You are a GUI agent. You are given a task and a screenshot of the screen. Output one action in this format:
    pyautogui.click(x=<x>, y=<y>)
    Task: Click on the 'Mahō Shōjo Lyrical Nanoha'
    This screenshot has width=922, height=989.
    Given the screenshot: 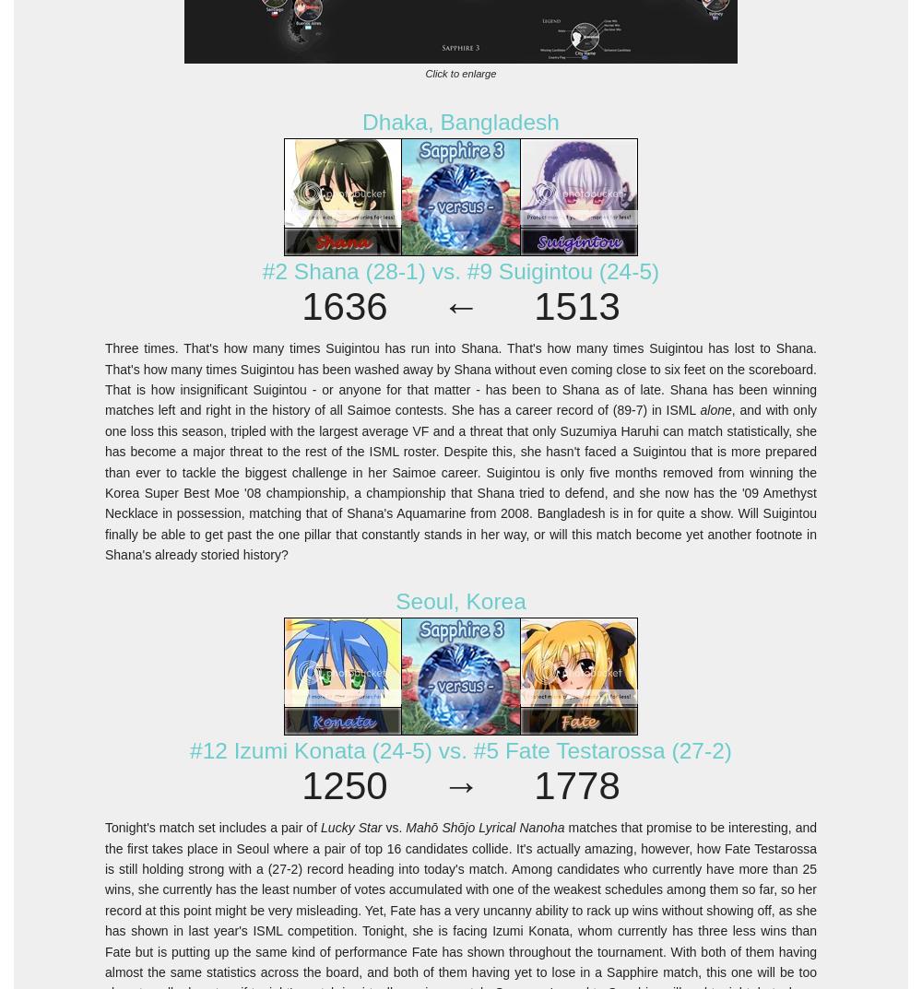 What is the action you would take?
    pyautogui.click(x=485, y=827)
    